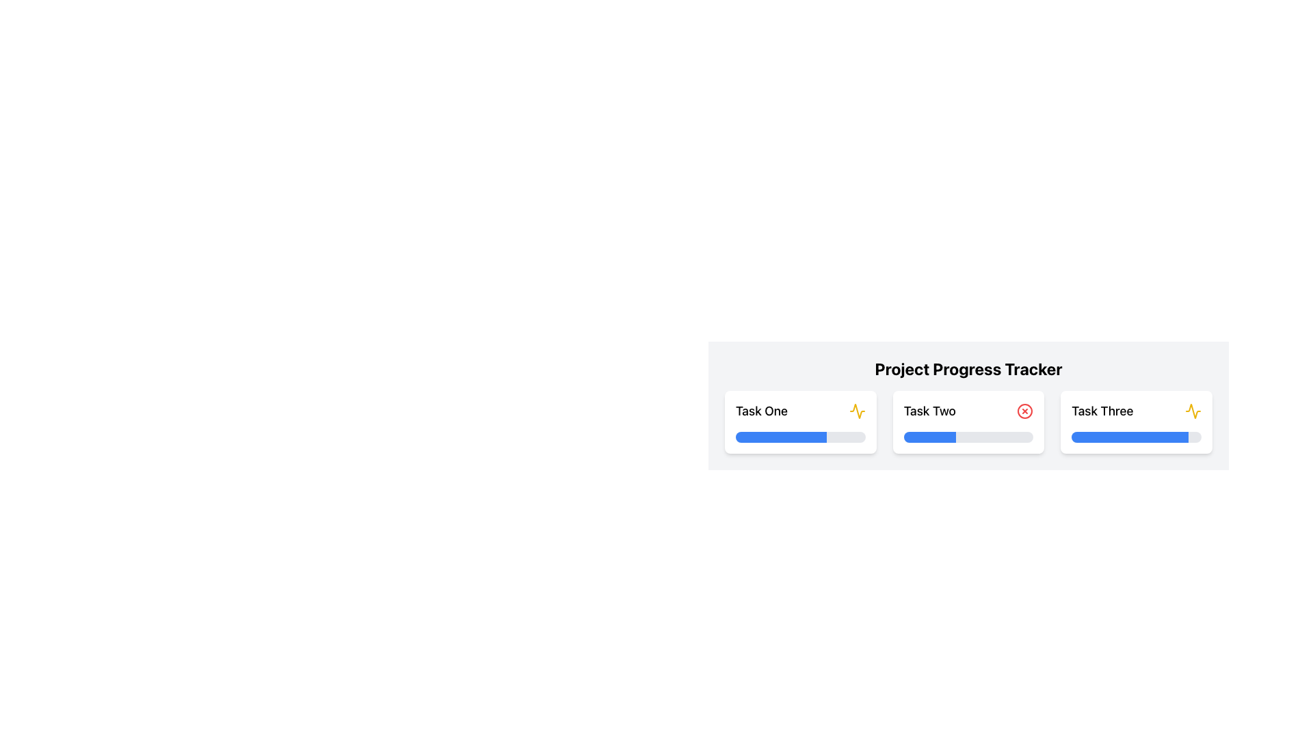 The height and width of the screenshot is (738, 1313). I want to click on the progress bar representing the completion status of 'Task Three', which is the third progress bar in sequence under its respective task label, so click(1130, 437).